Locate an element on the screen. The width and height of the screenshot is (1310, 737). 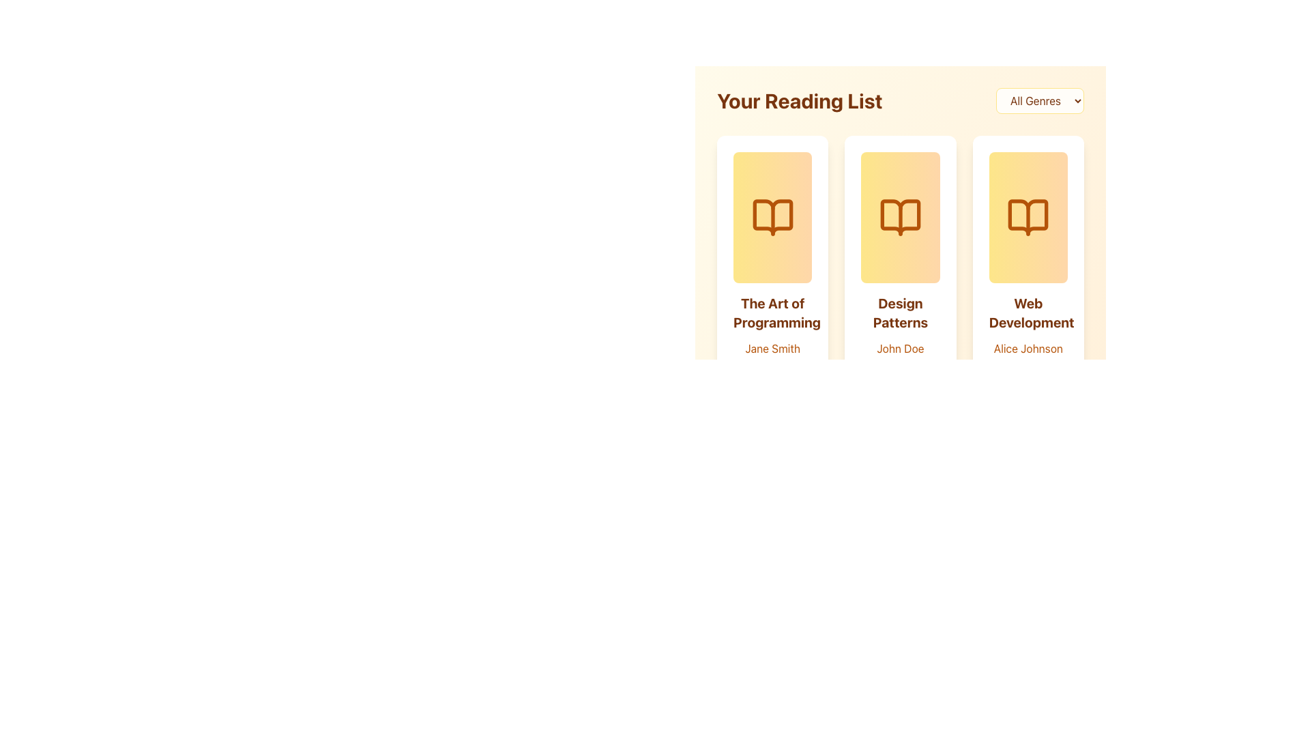
the text label displaying the contributor or author name associated with the 'Web Development' section, located in the third card under 'Your Reading List' is located at coordinates (1028, 347).